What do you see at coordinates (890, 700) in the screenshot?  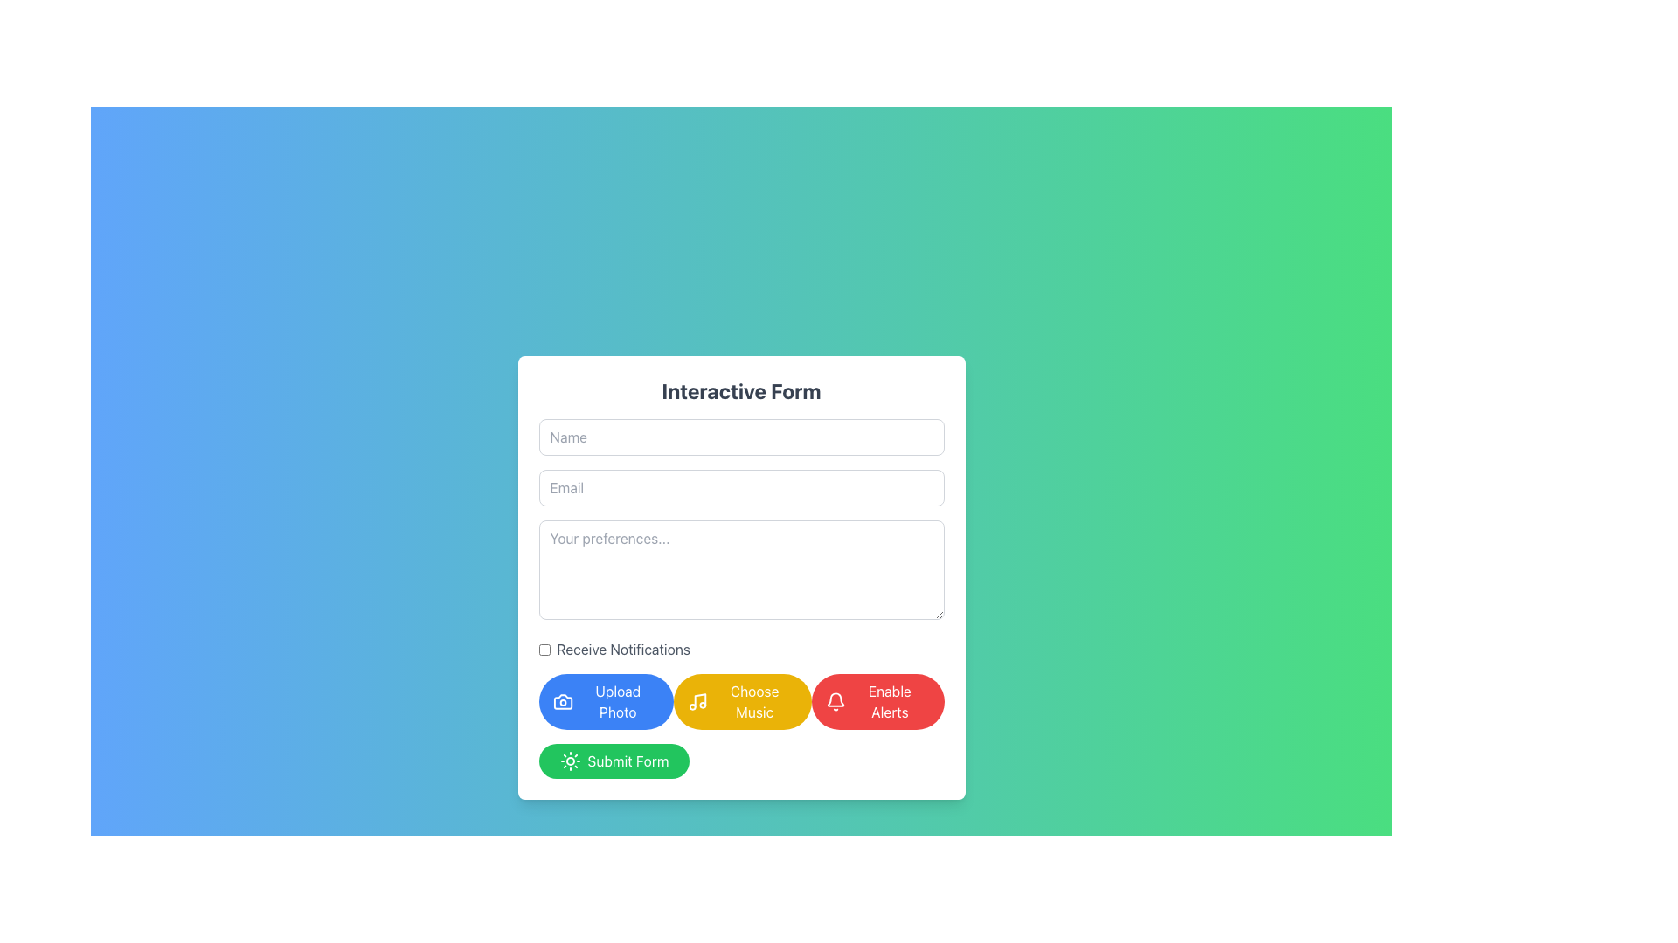 I see `the 'Enable Alerts' button, which is a prominent red rounded button with white text, located in the bottom-right section of the interface, adjacent to the 'Choose Music' button` at bounding box center [890, 700].